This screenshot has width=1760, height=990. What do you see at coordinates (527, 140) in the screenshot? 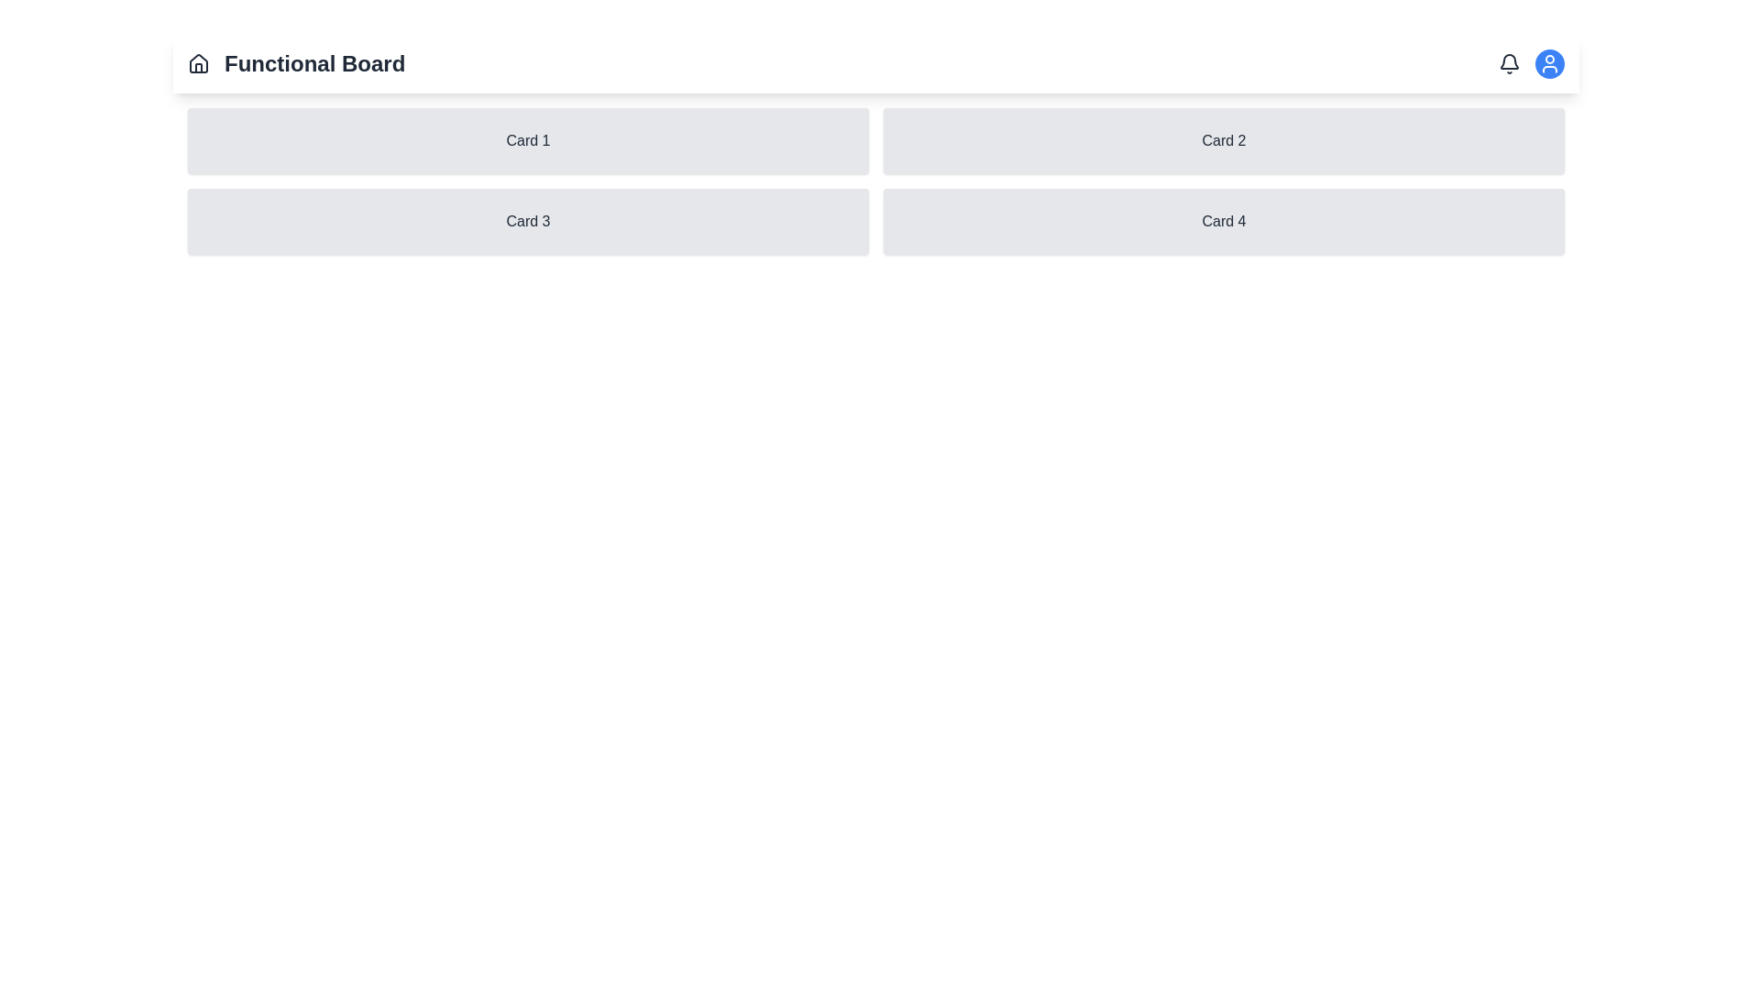
I see `the first card in the grid layout, which has a light gray background and contains the text 'Card 1' to change its background color` at bounding box center [527, 140].